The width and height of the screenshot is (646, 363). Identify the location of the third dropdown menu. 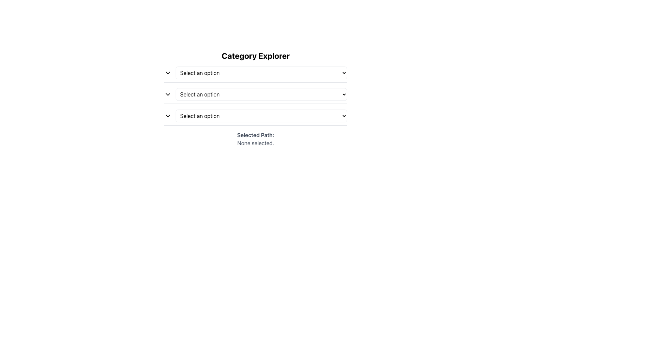
(261, 115).